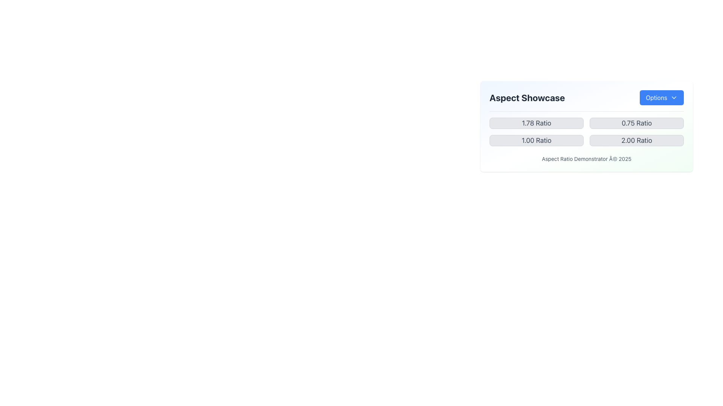  What do you see at coordinates (636, 141) in the screenshot?
I see `the label displaying '2.00 Ratio', which is a horizontally elongated rectangle with rounded corners and a light gray background located in the lower right quadrant of the grid layout` at bounding box center [636, 141].